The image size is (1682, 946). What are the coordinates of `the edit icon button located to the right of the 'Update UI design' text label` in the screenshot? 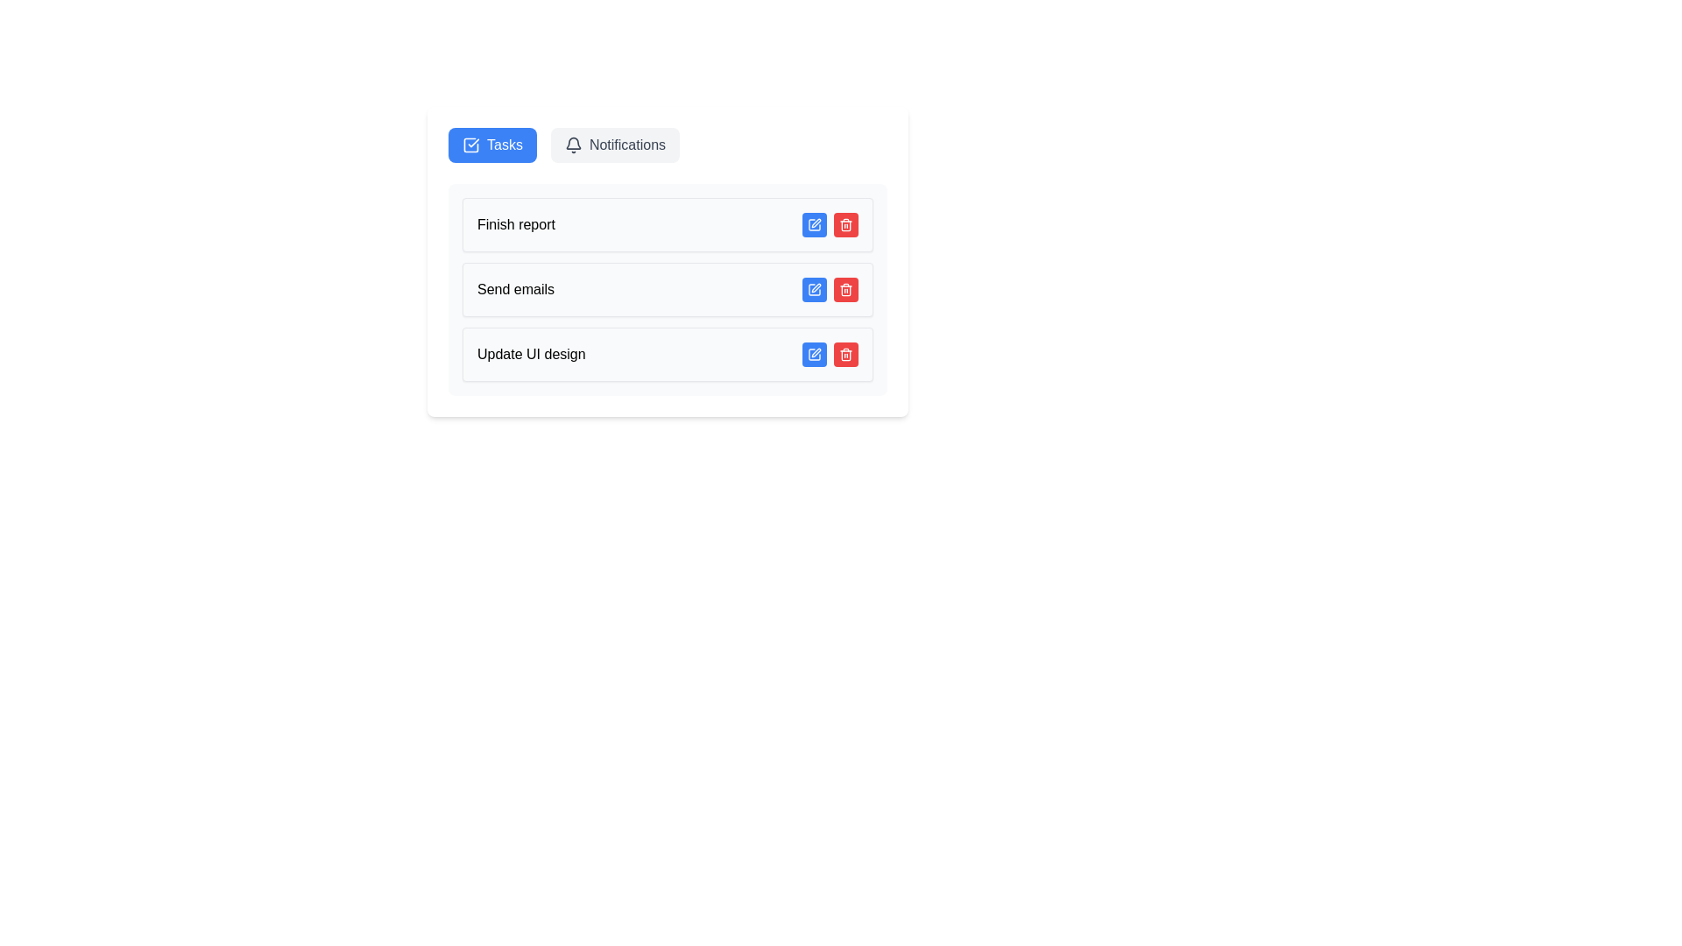 It's located at (814, 355).